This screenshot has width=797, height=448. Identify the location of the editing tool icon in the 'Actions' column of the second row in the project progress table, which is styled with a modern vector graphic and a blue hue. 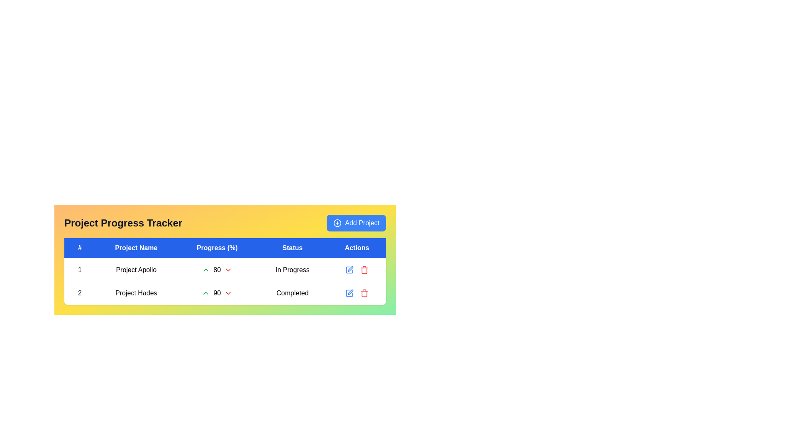
(349, 292).